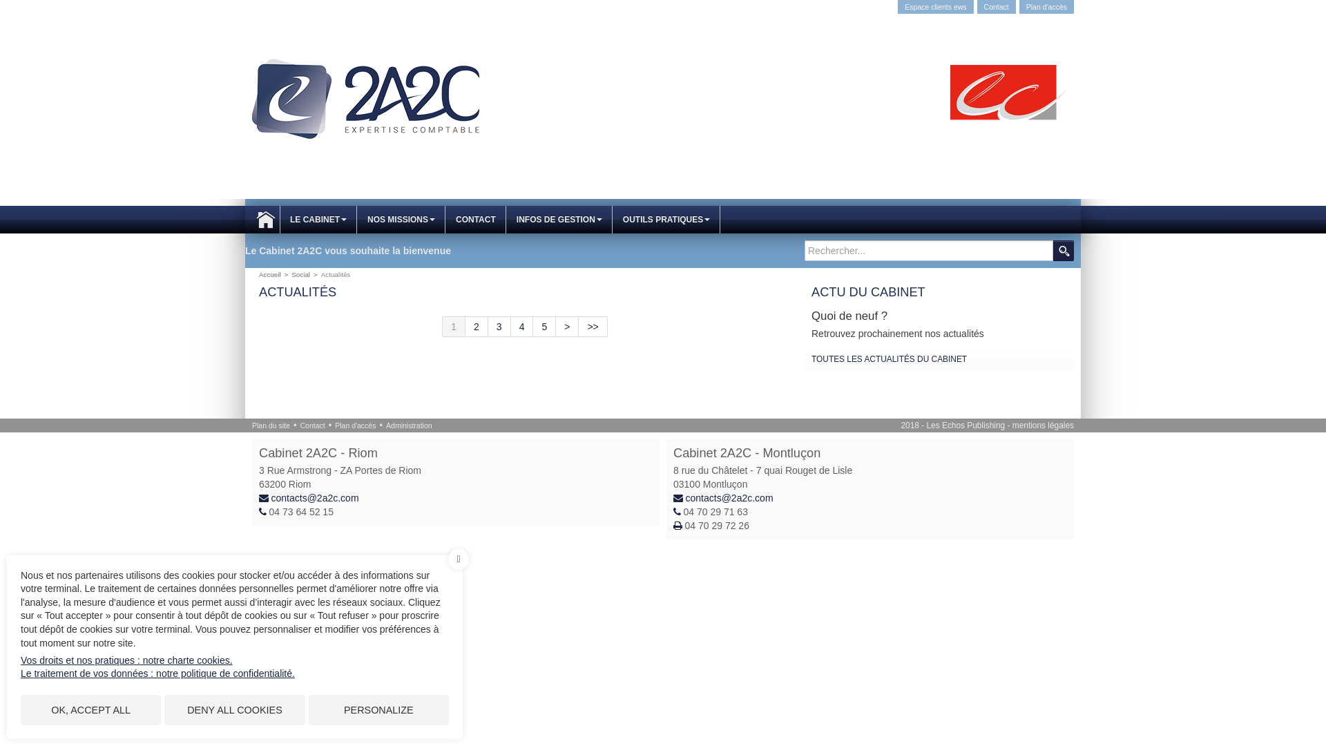 The height and width of the screenshot is (746, 1326). I want to click on '>>', so click(593, 327).